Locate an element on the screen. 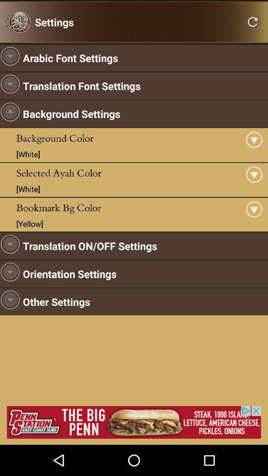 This screenshot has height=476, width=268. advertisement area is located at coordinates (134, 421).